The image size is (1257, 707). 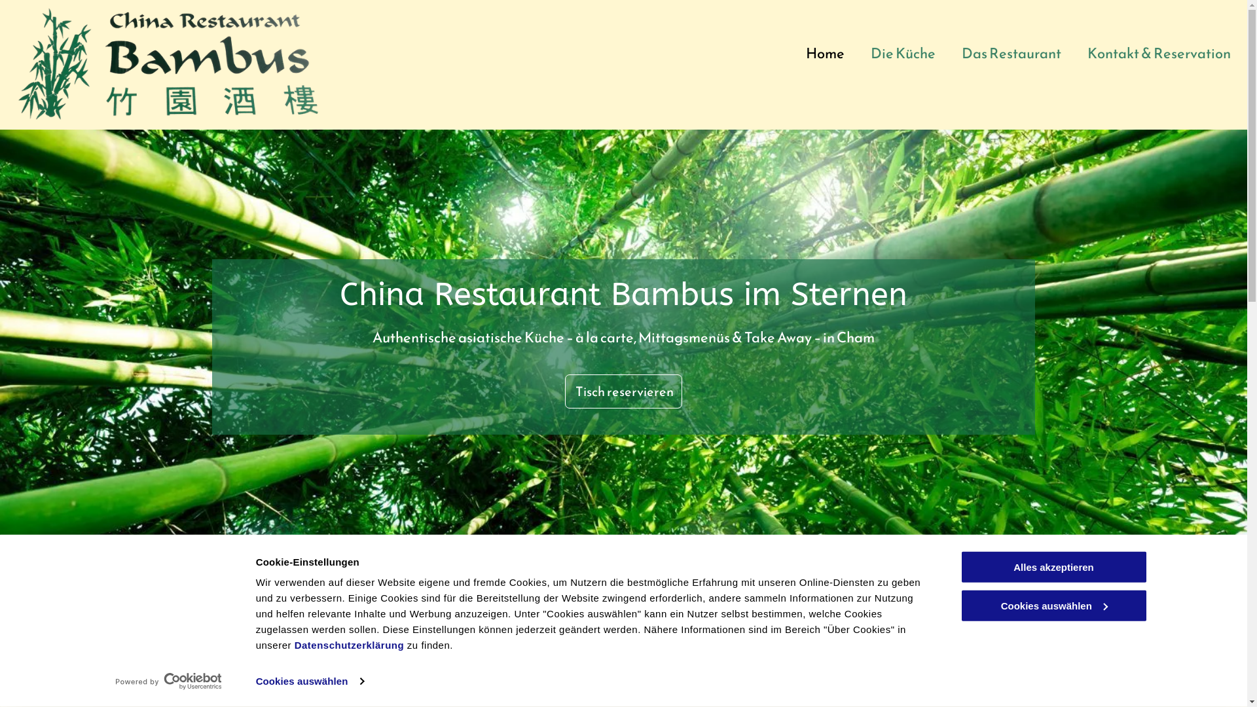 What do you see at coordinates (1011, 52) in the screenshot?
I see `'Das Restaurant'` at bounding box center [1011, 52].